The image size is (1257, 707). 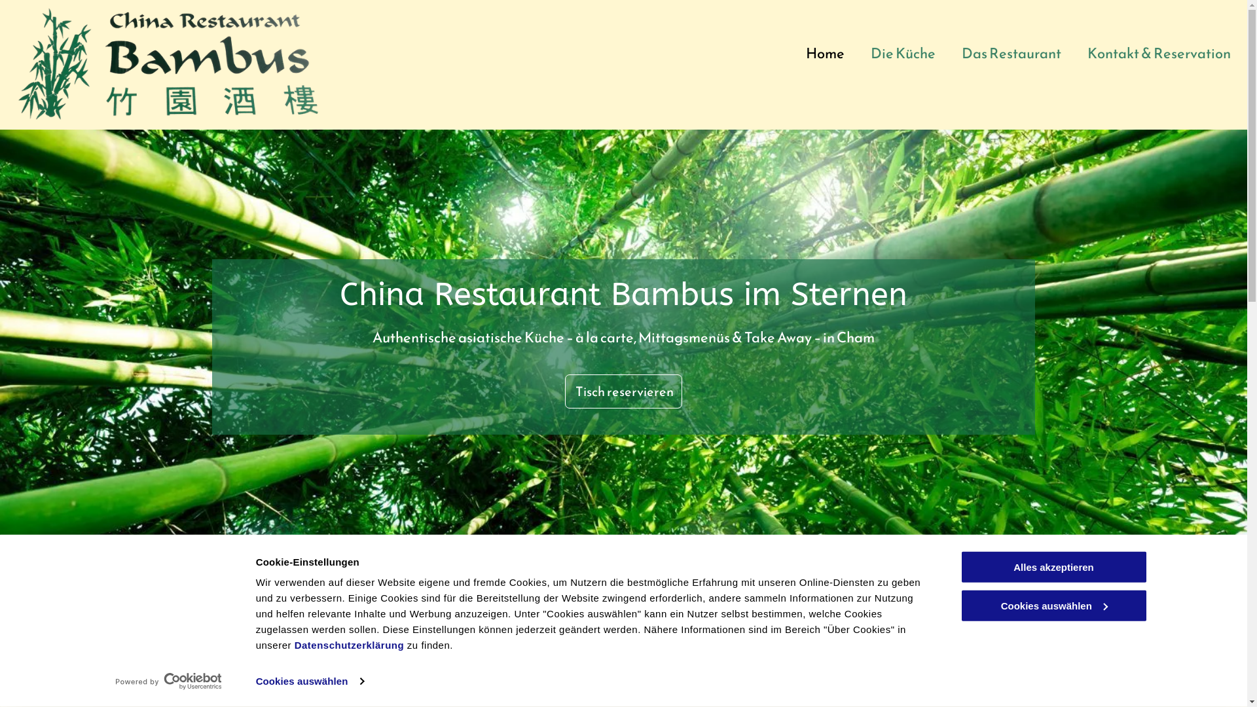 What do you see at coordinates (1011, 52) in the screenshot?
I see `'Das Restaurant'` at bounding box center [1011, 52].